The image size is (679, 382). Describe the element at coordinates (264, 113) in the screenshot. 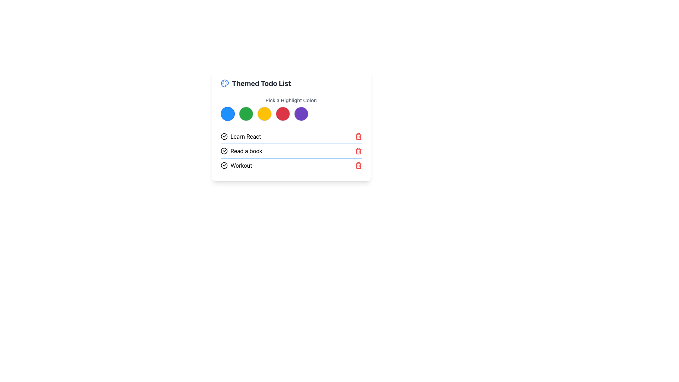

I see `the yellow circular button with a gray border, which is the third circle in a row of five circles in the 'Themed Todo List' card` at that location.